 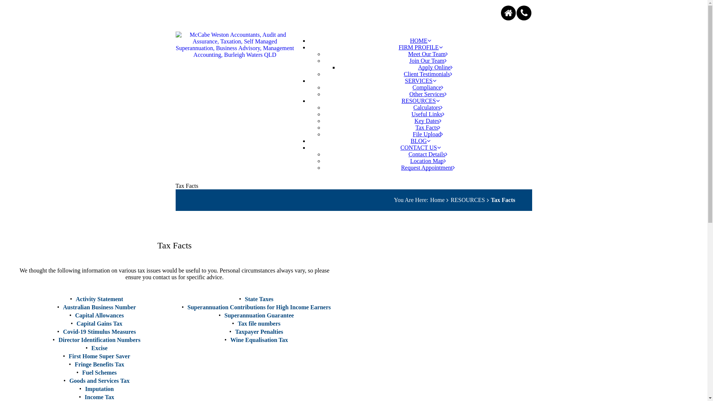 What do you see at coordinates (420, 40) in the screenshot?
I see `'HOME'` at bounding box center [420, 40].